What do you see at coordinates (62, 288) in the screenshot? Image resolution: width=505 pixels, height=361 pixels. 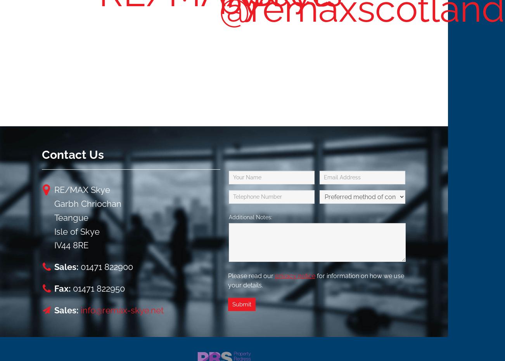 I see `'Fax:'` at bounding box center [62, 288].